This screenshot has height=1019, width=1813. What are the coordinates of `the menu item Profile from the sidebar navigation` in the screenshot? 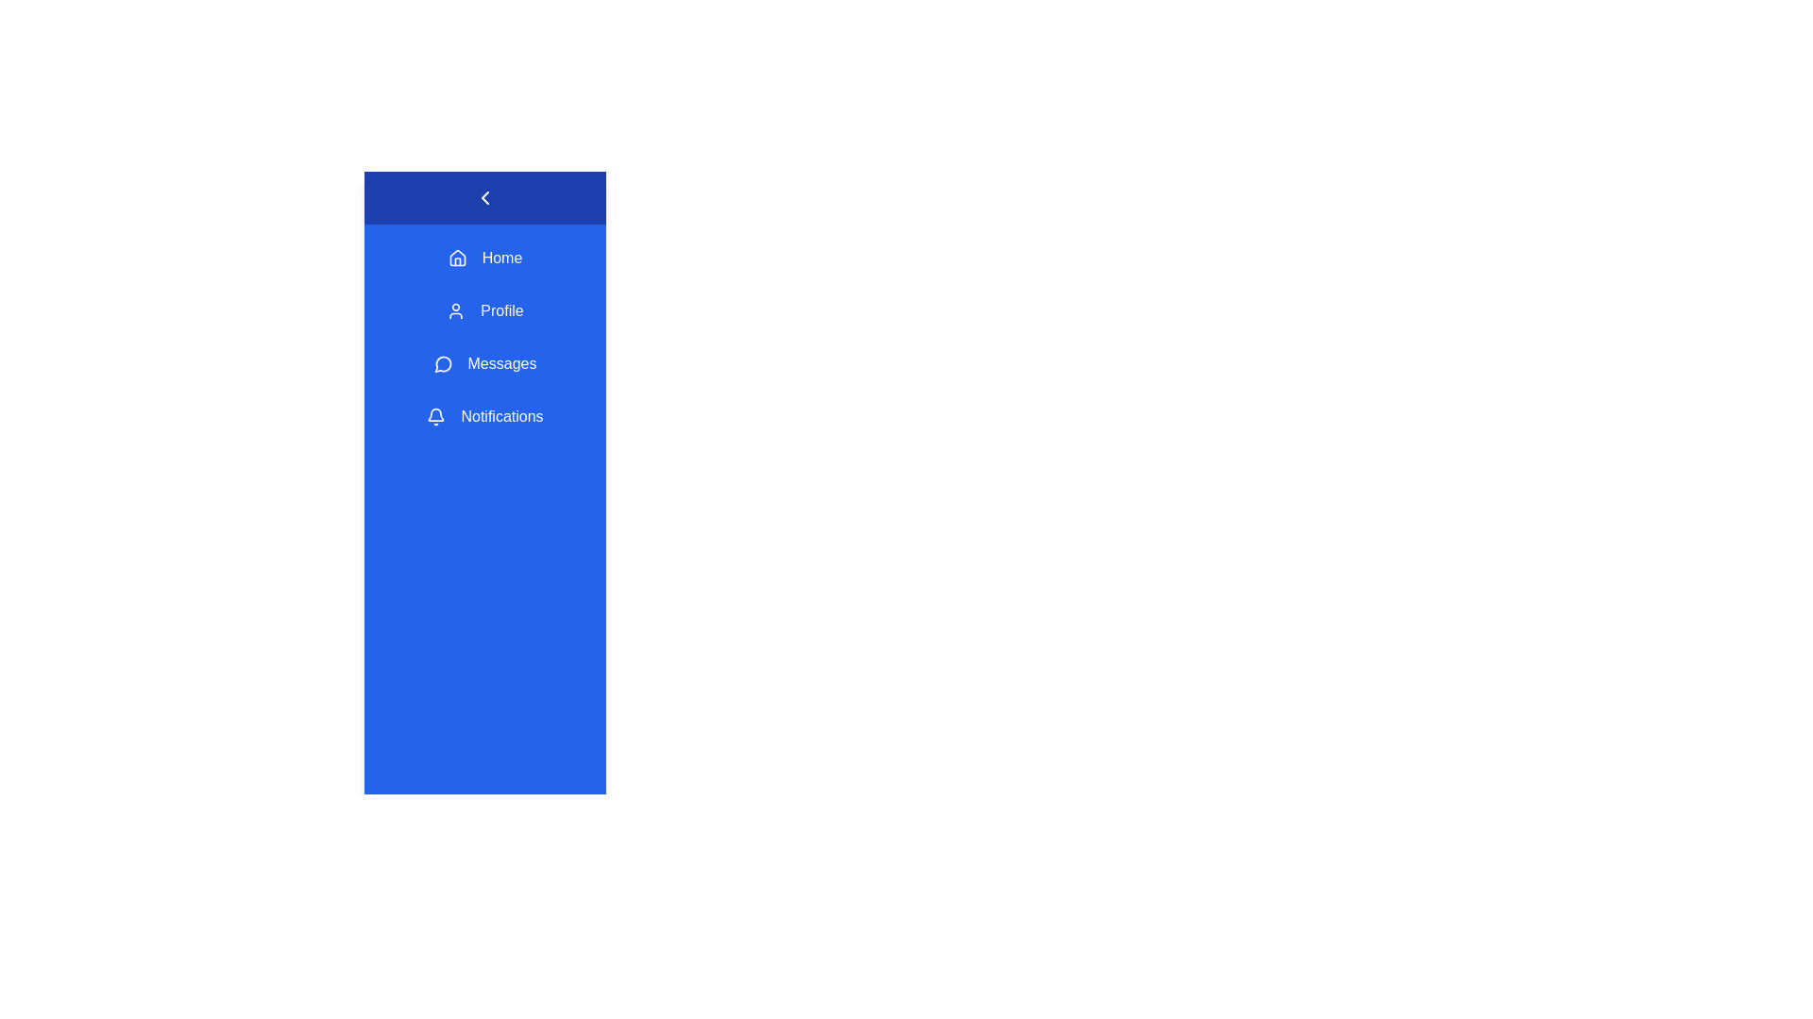 It's located at (484, 310).